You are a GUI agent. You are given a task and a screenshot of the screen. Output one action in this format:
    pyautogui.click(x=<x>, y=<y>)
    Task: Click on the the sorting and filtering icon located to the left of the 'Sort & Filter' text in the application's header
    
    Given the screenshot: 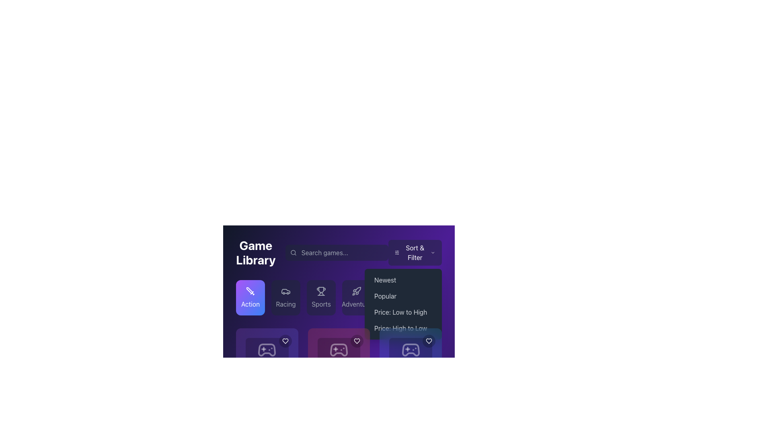 What is the action you would take?
    pyautogui.click(x=397, y=252)
    